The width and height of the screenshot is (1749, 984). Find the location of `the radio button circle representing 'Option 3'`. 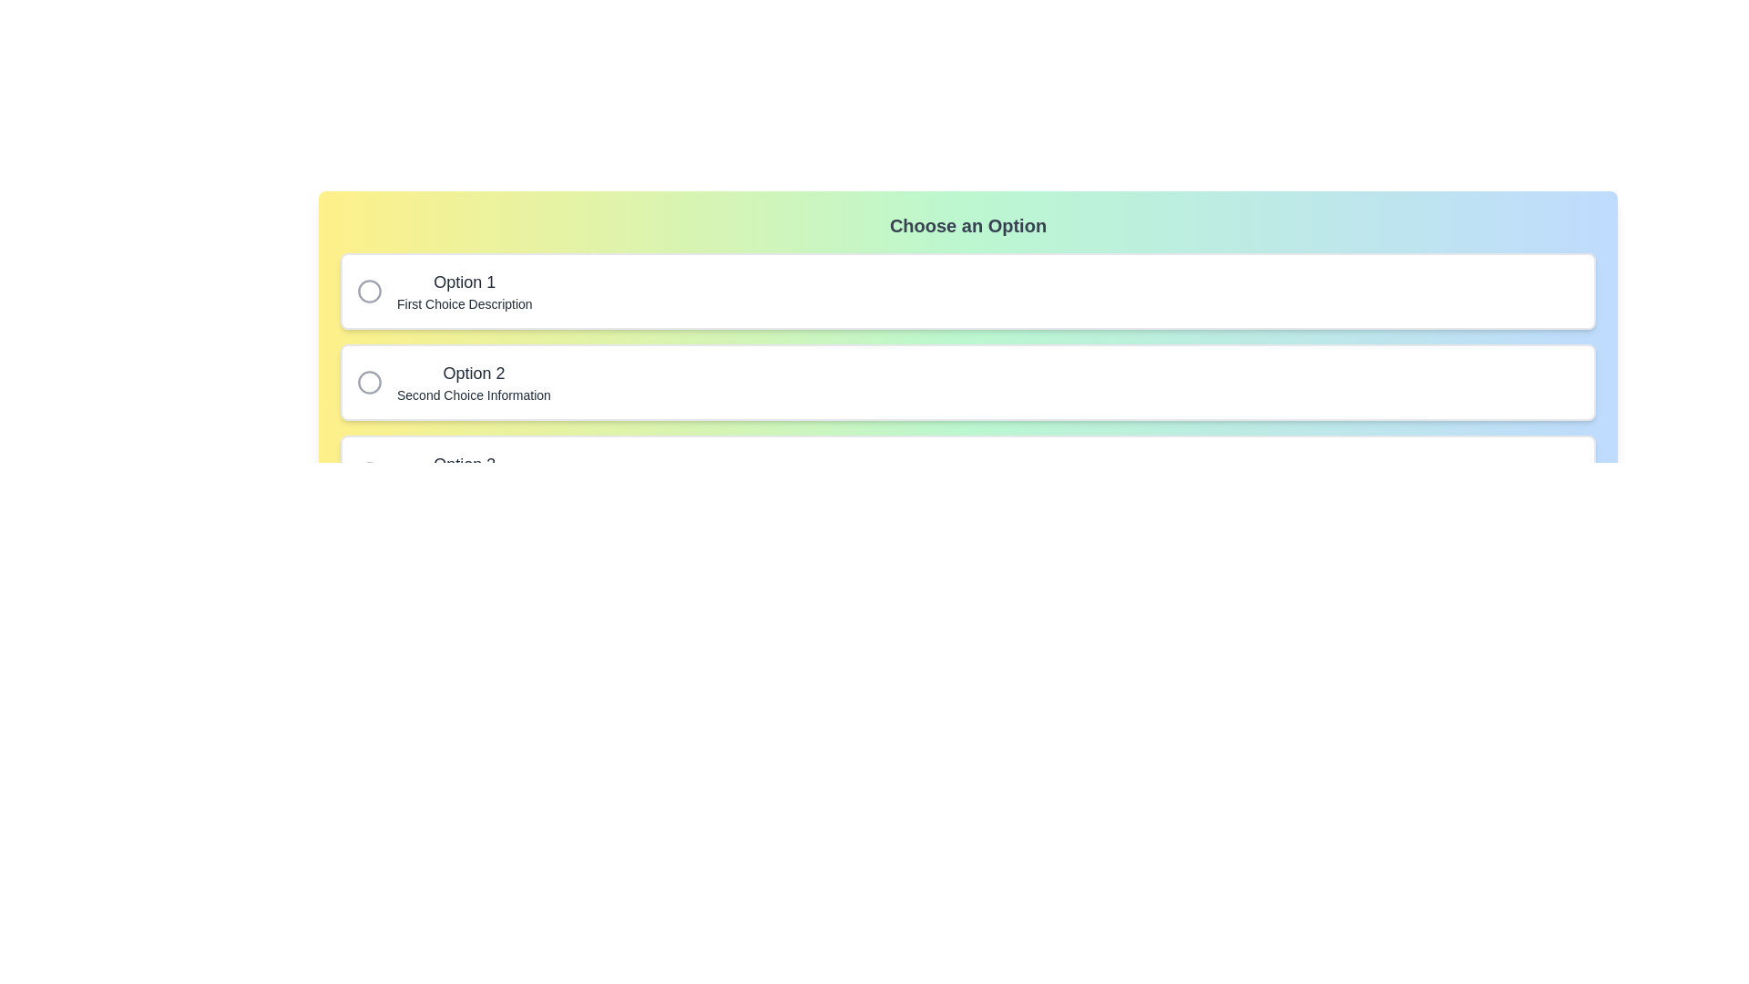

the radio button circle representing 'Option 3' is located at coordinates (369, 473).